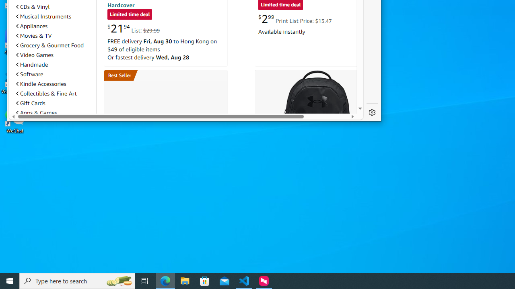  Describe the element at coordinates (31, 102) in the screenshot. I see `'Gift Cards'` at that location.